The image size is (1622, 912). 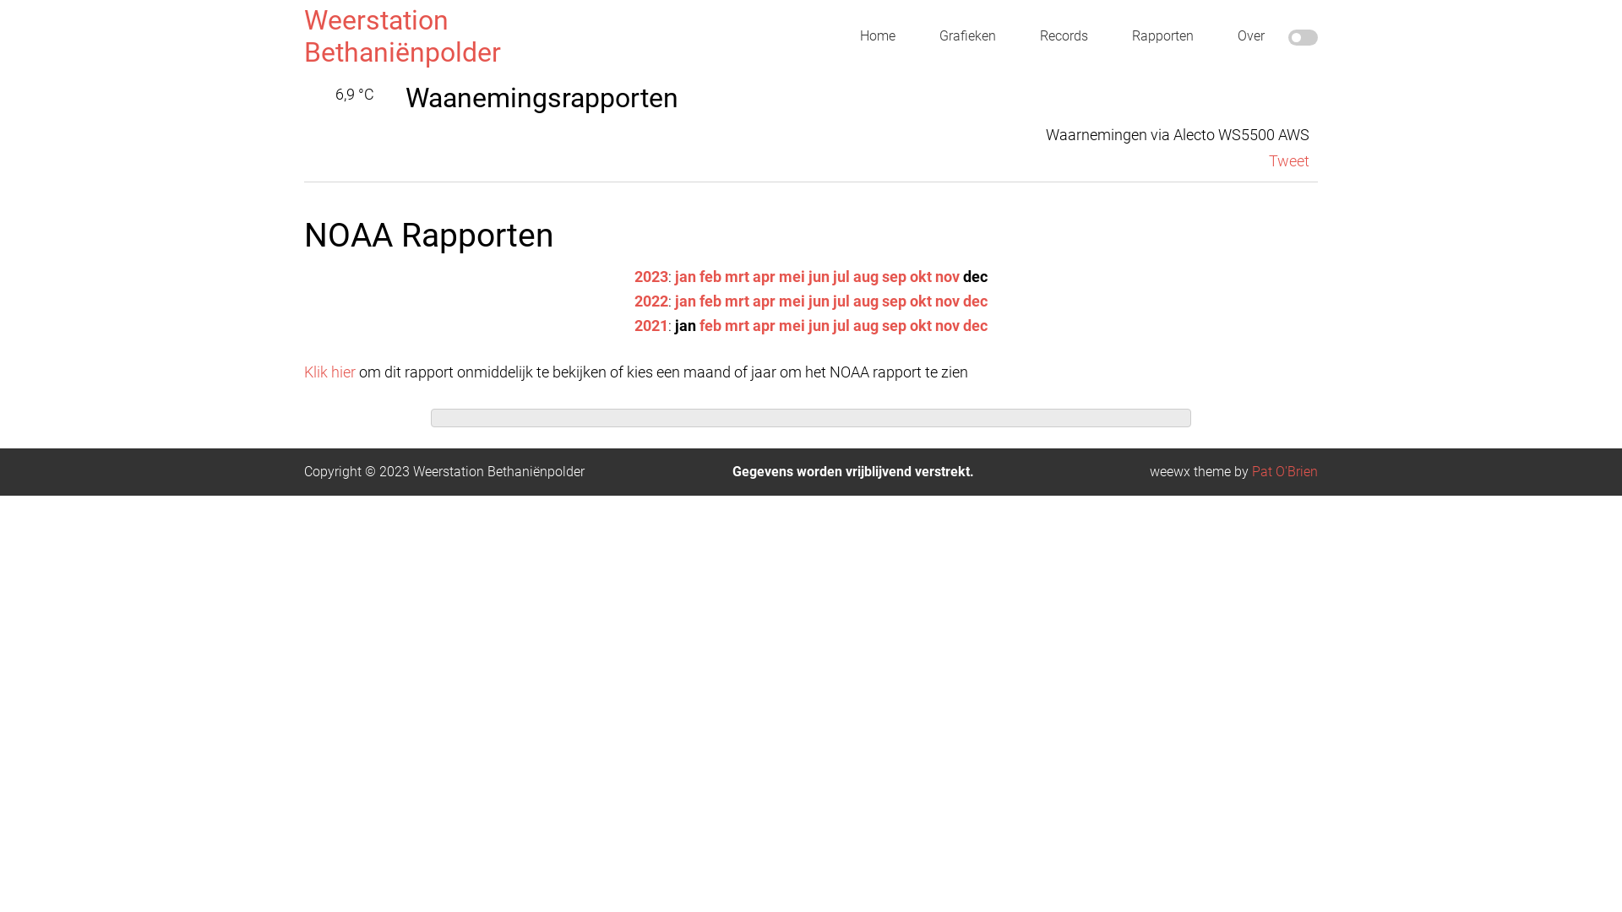 What do you see at coordinates (1162, 35) in the screenshot?
I see `'Rapporten'` at bounding box center [1162, 35].